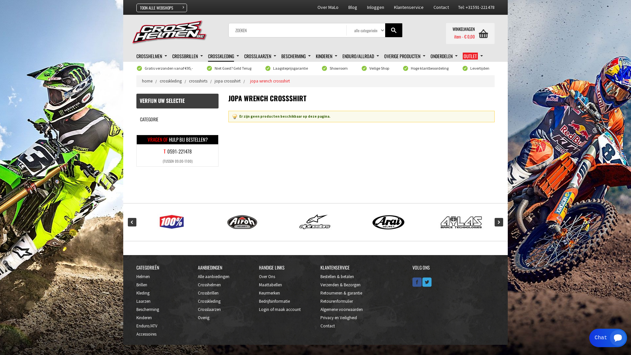 Image resolution: width=631 pixels, height=355 pixels. What do you see at coordinates (208, 56) in the screenshot?
I see `'CROSSKLEDING'` at bounding box center [208, 56].